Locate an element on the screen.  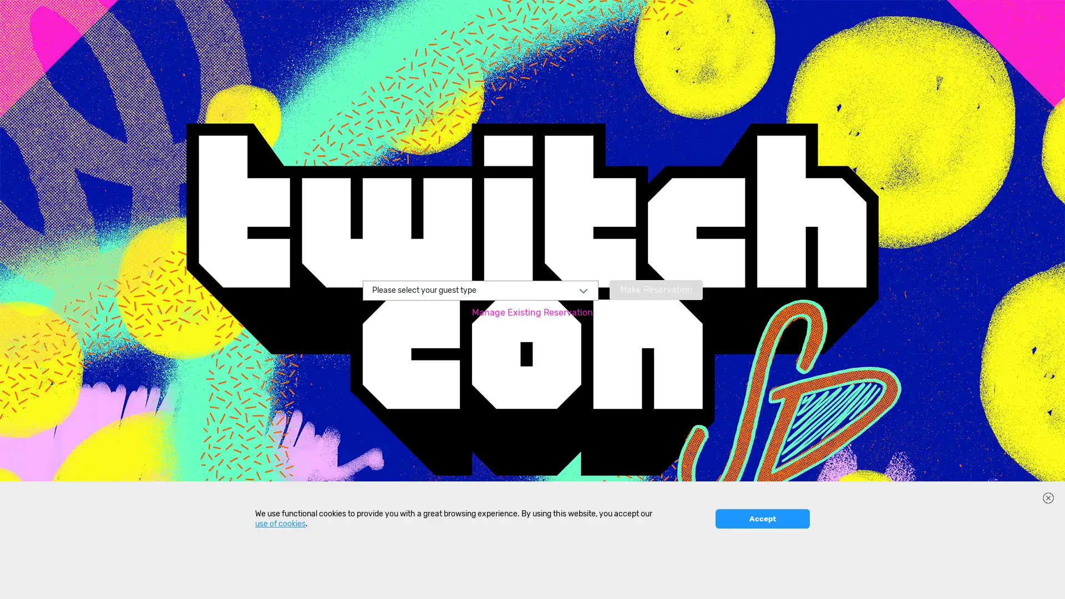
Accept is located at coordinates (762, 582).